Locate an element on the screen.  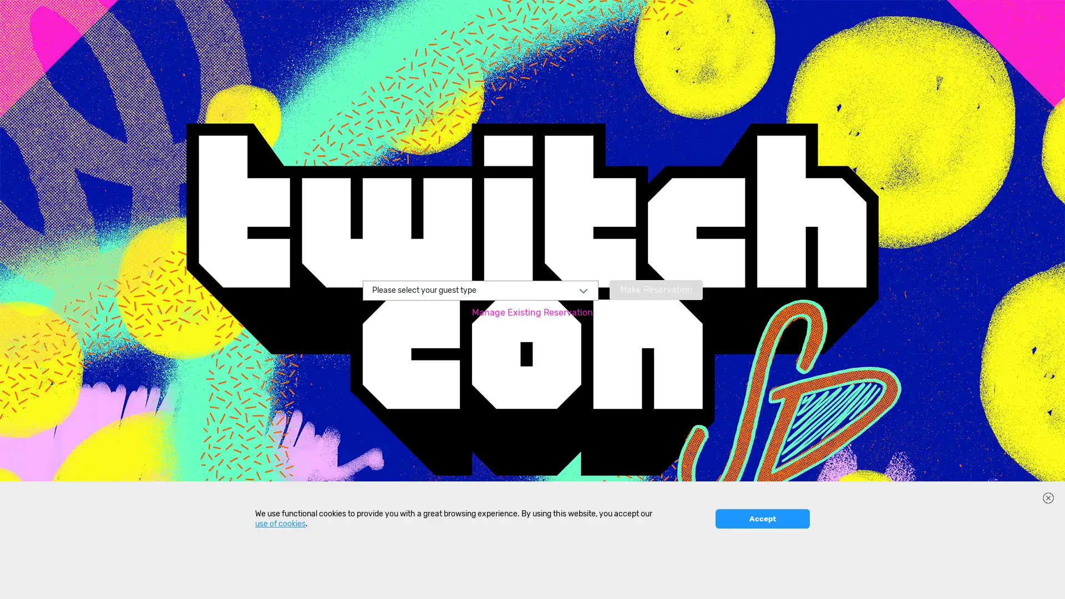
Accept is located at coordinates (762, 582).